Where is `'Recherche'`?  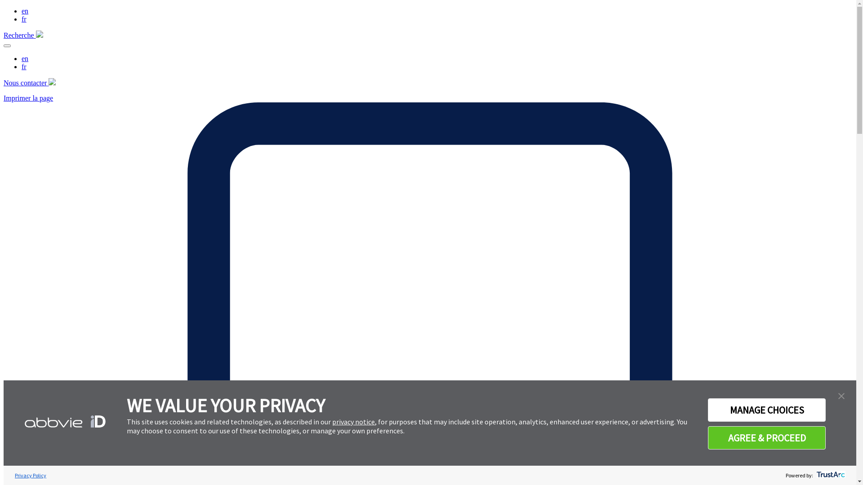
'Recherche' is located at coordinates (23, 35).